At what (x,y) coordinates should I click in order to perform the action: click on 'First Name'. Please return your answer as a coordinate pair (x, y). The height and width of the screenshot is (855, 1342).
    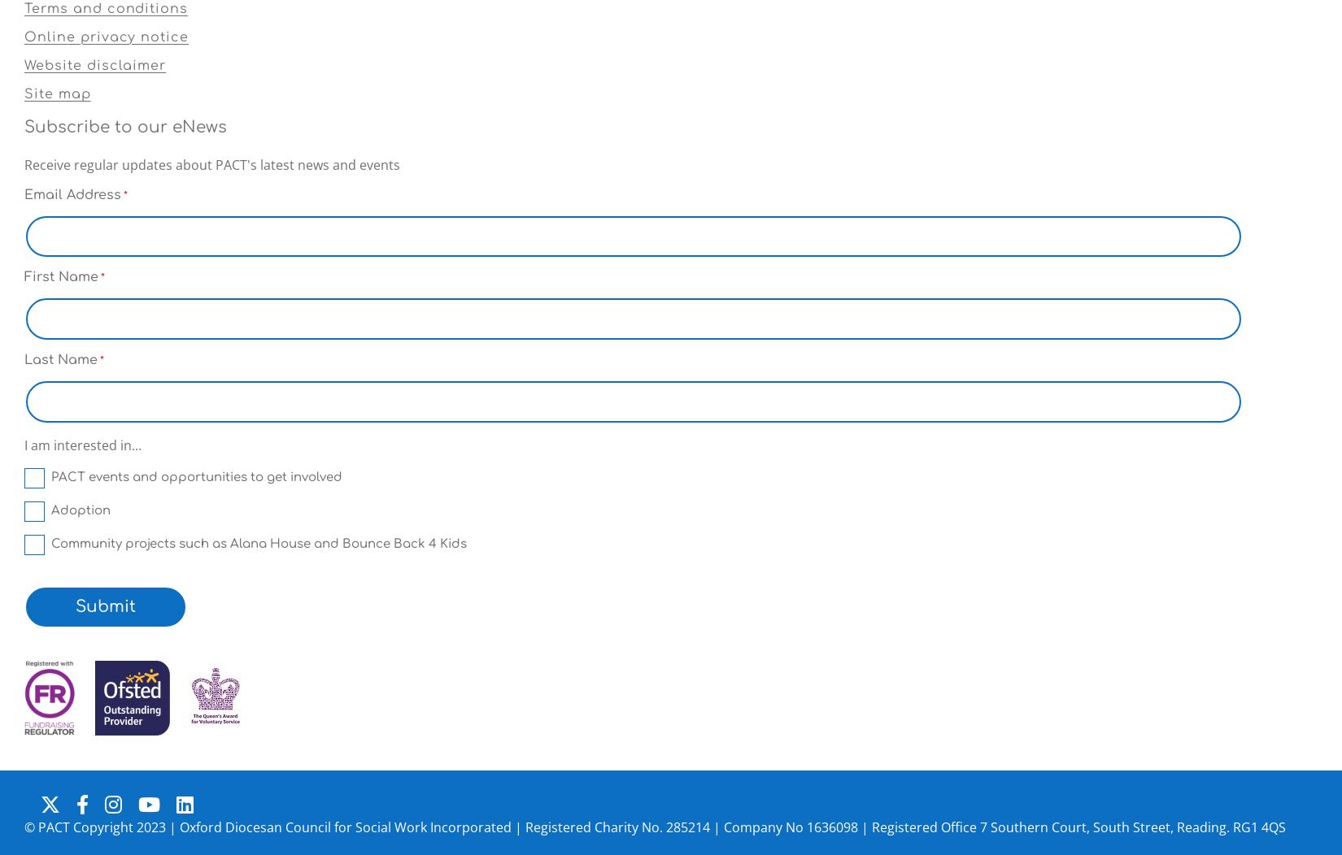
    Looking at the image, I should click on (61, 276).